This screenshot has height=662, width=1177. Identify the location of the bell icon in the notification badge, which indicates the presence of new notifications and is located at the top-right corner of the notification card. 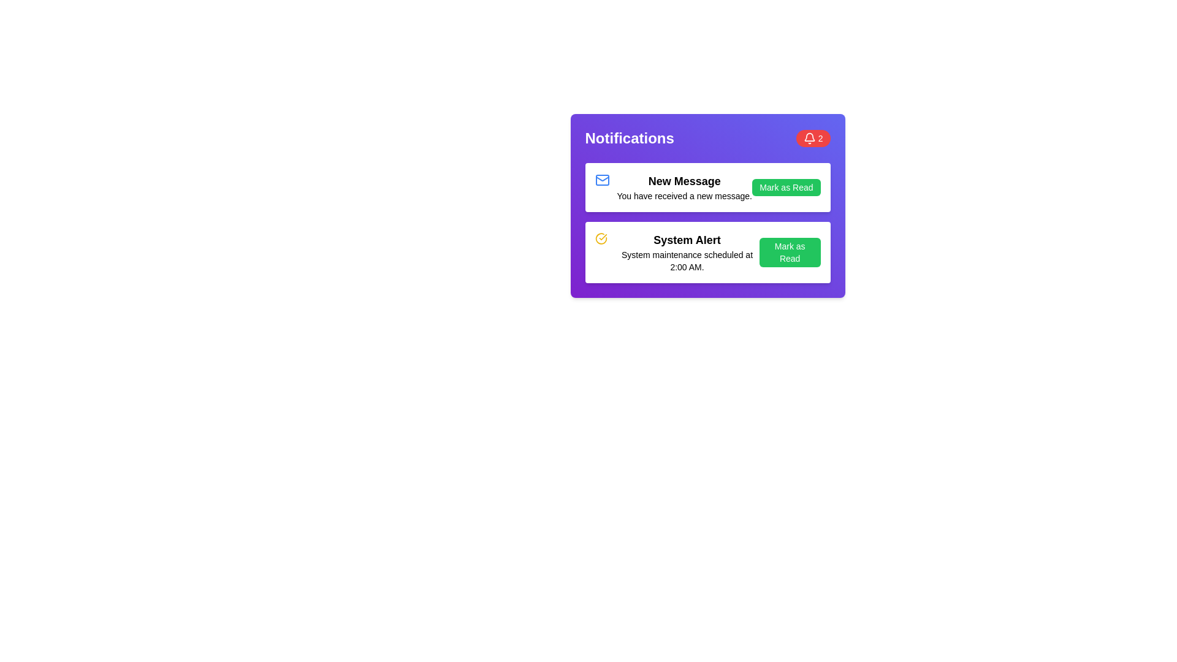
(809, 138).